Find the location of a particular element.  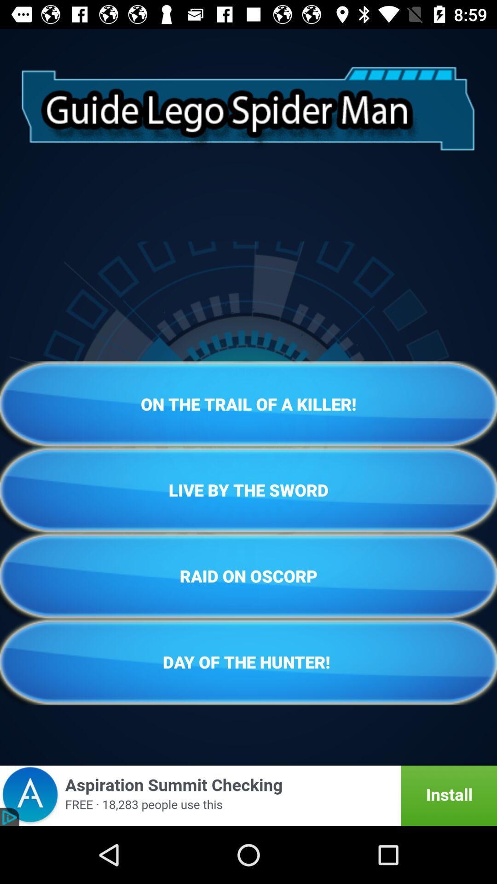

install aspiration is located at coordinates (248, 795).